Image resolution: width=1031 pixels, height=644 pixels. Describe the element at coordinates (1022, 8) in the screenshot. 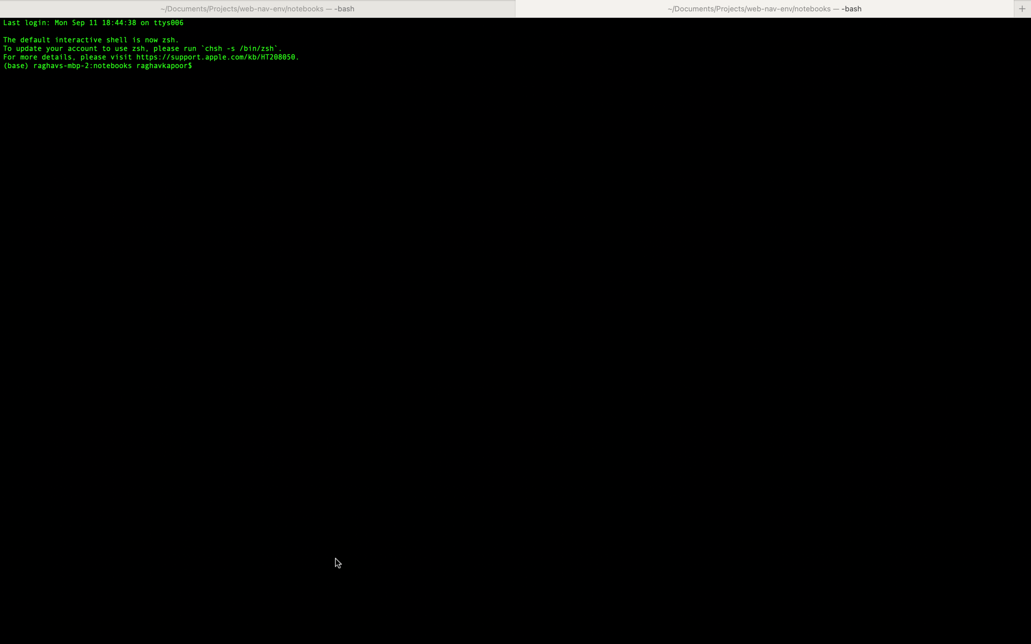

I see `Create a new tab by using the add button` at that location.